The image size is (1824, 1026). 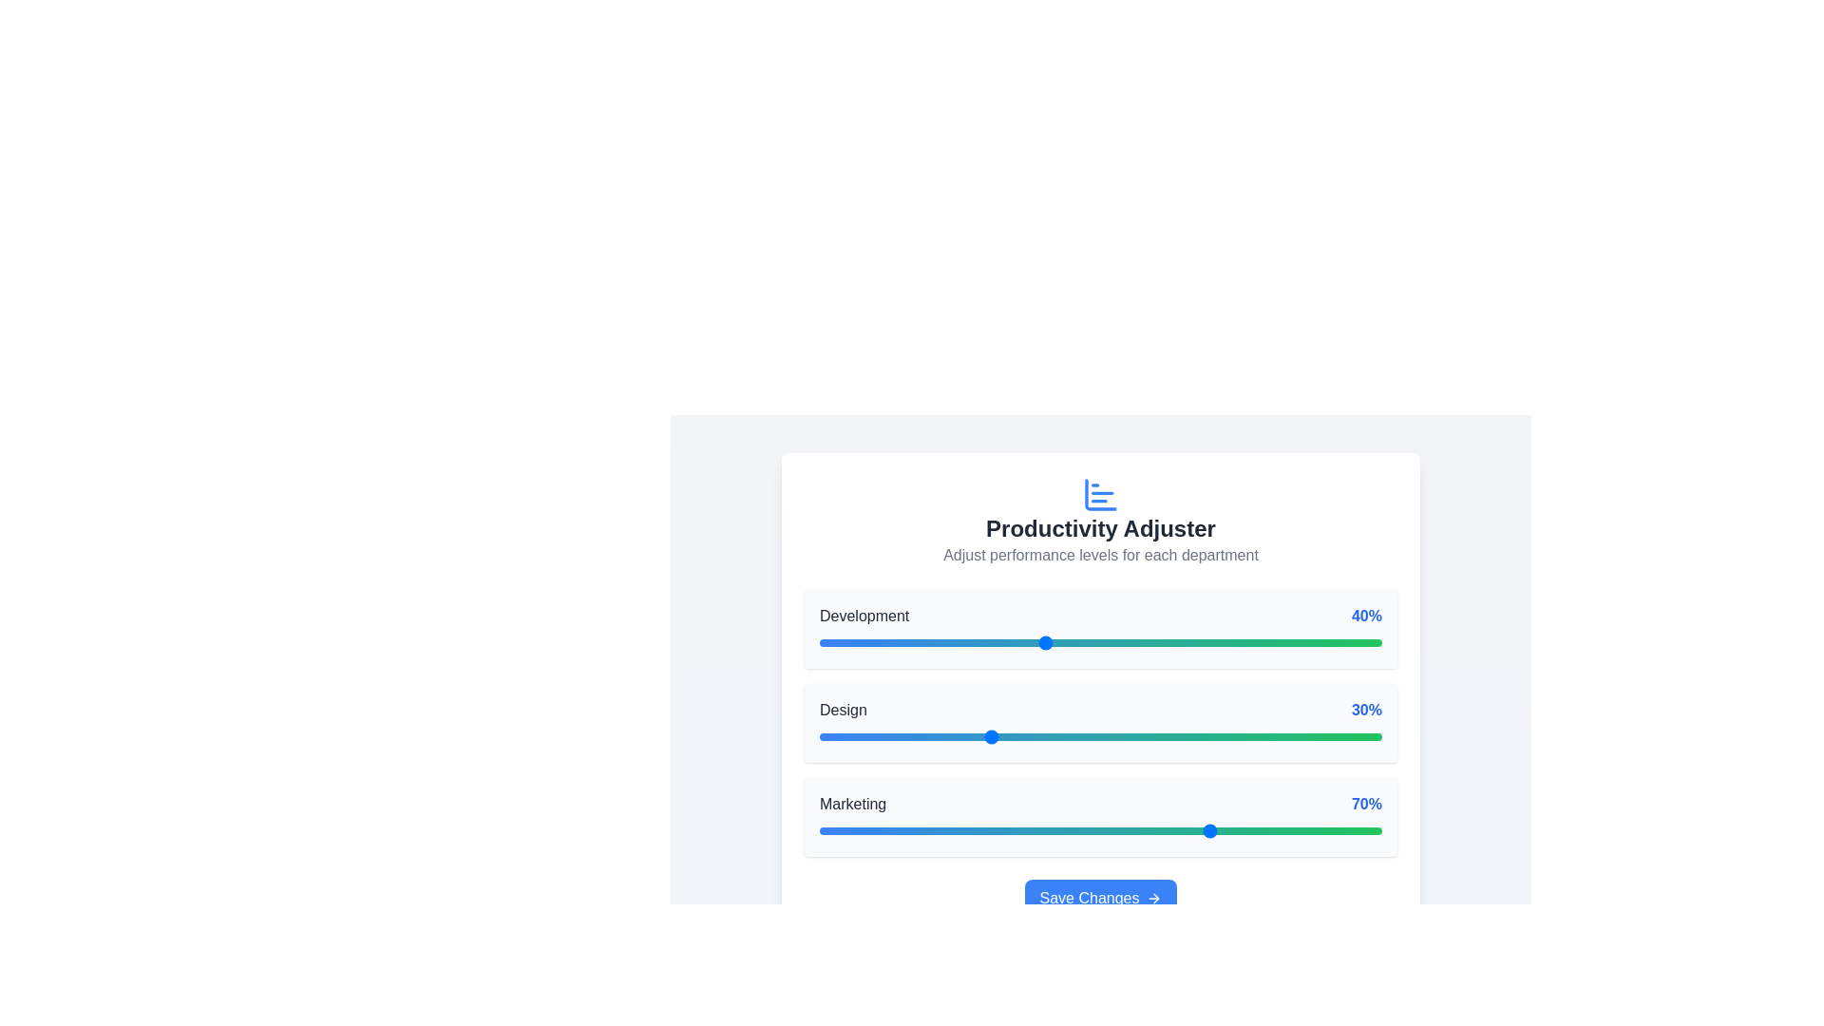 I want to click on the slider value, so click(x=977, y=830).